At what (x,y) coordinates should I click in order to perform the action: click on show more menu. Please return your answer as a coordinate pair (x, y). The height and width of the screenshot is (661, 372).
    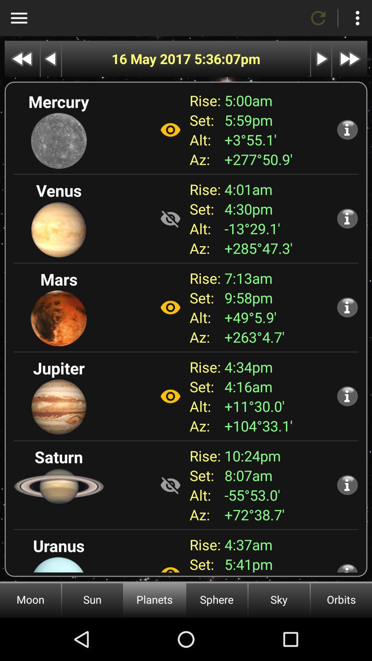
    Looking at the image, I should click on (357, 18).